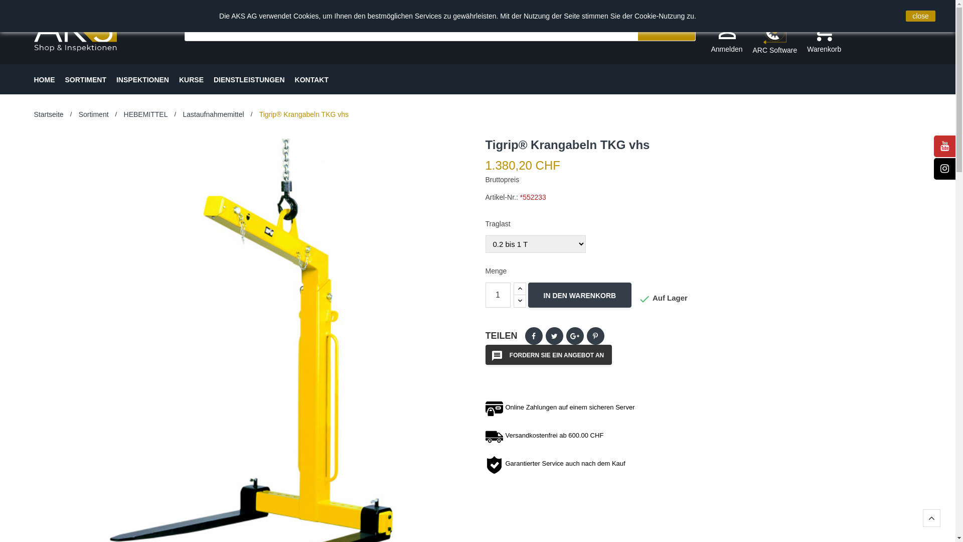 The width and height of the screenshot is (963, 542). What do you see at coordinates (710, 36) in the screenshot?
I see `'Anmelden'` at bounding box center [710, 36].